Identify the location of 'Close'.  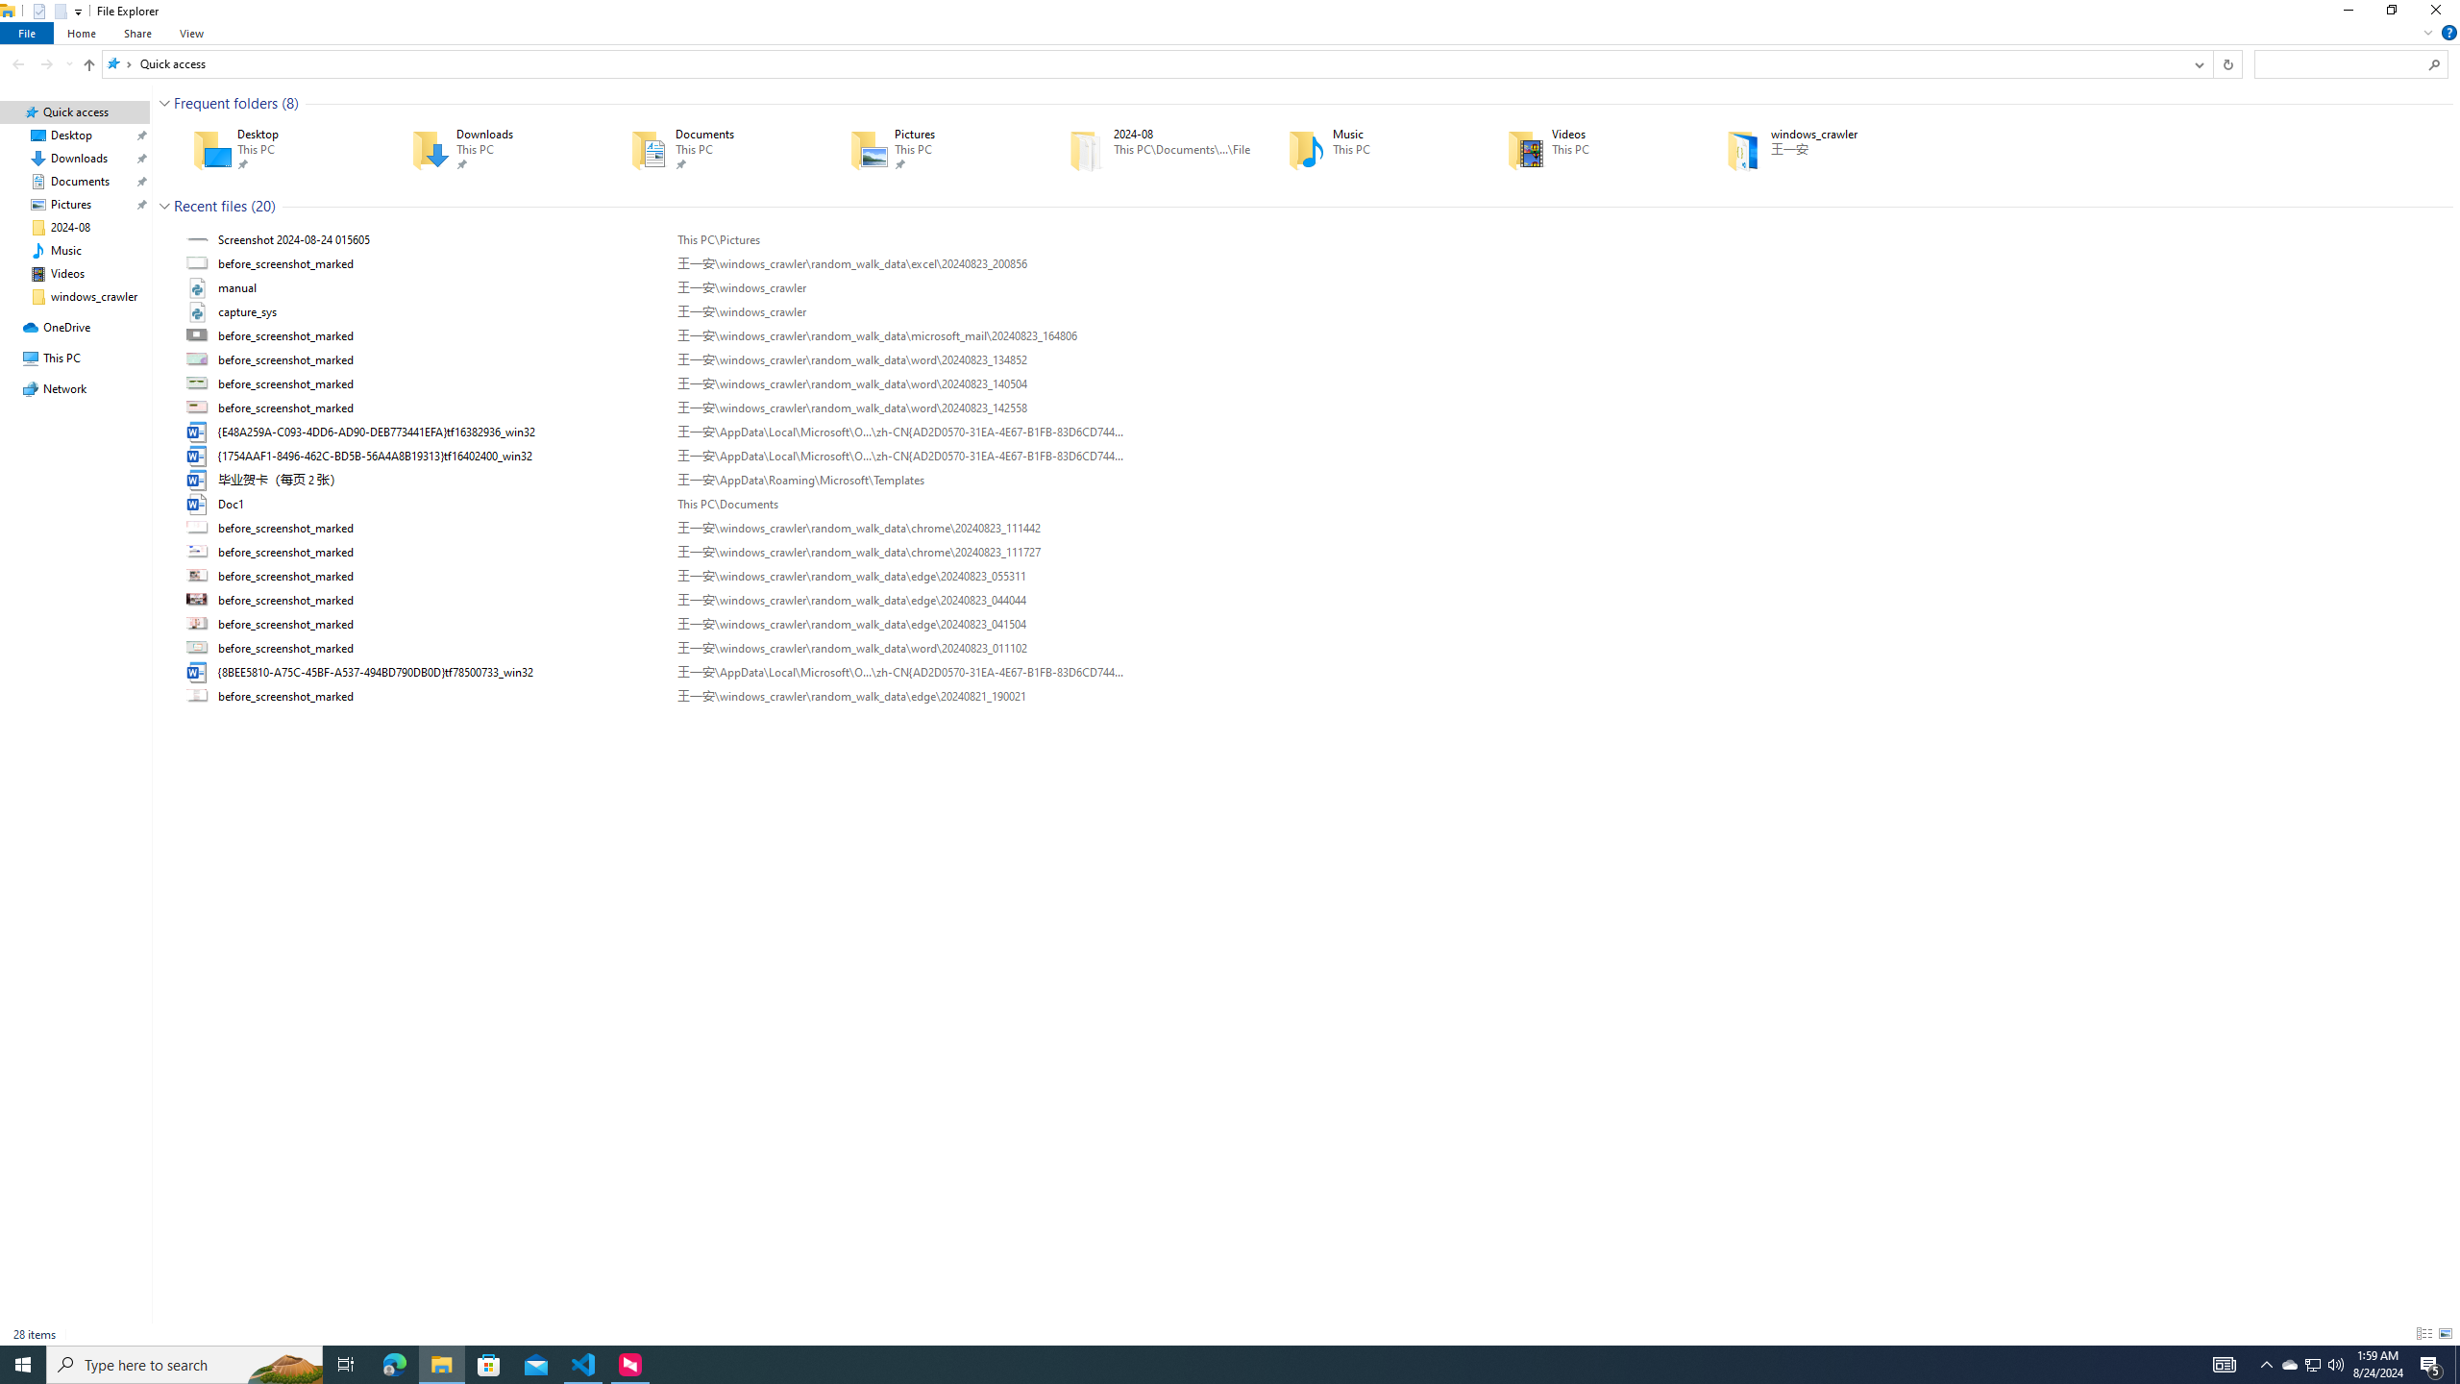
(2440, 14).